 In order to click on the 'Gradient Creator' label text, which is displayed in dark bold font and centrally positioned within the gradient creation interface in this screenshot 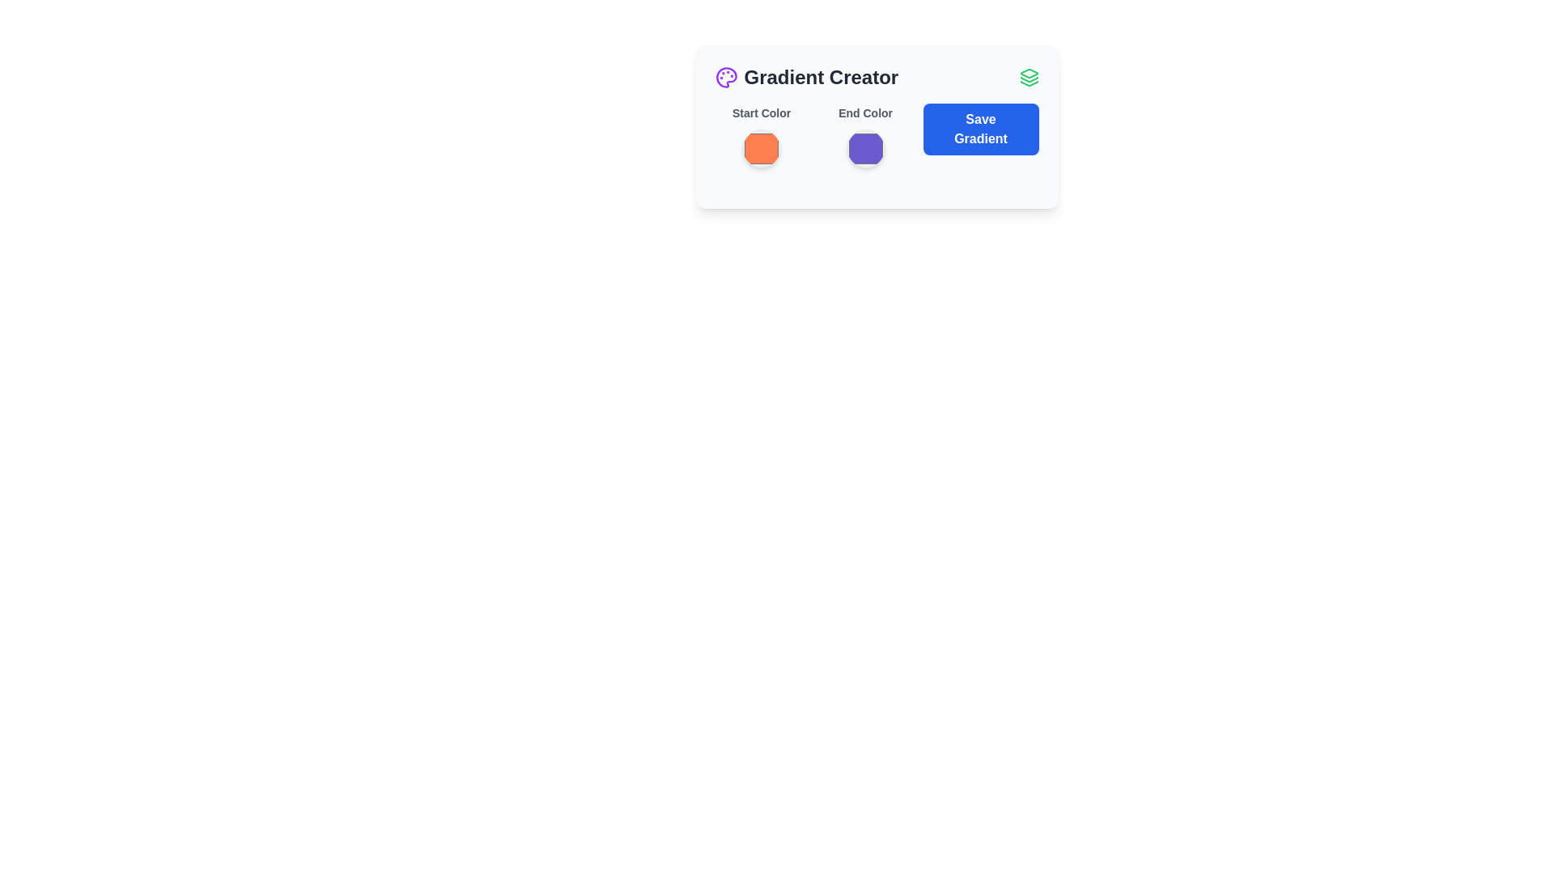, I will do `click(821, 78)`.